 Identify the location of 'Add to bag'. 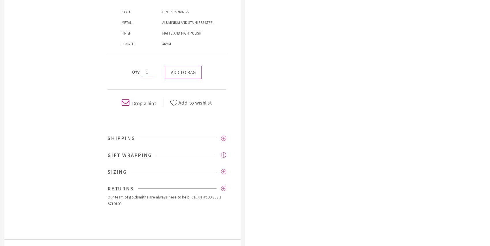
(183, 72).